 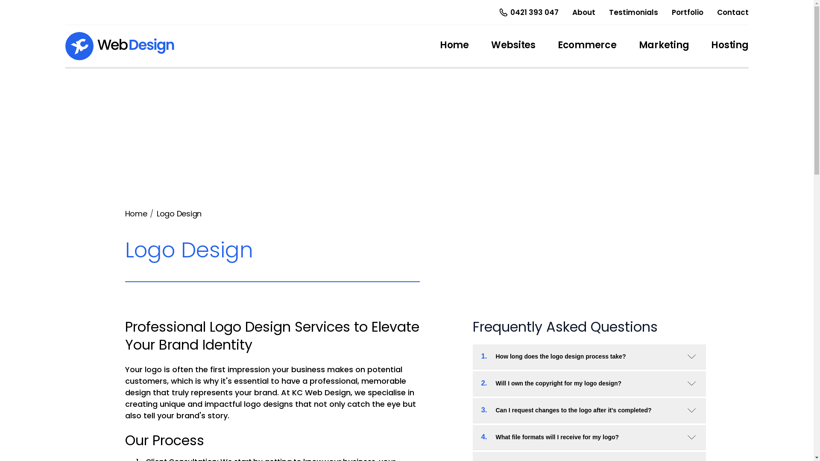 I want to click on 'Websites', so click(x=512, y=46).